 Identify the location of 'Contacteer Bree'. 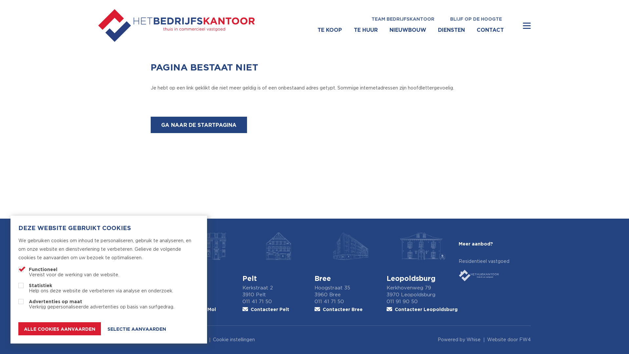
(350, 309).